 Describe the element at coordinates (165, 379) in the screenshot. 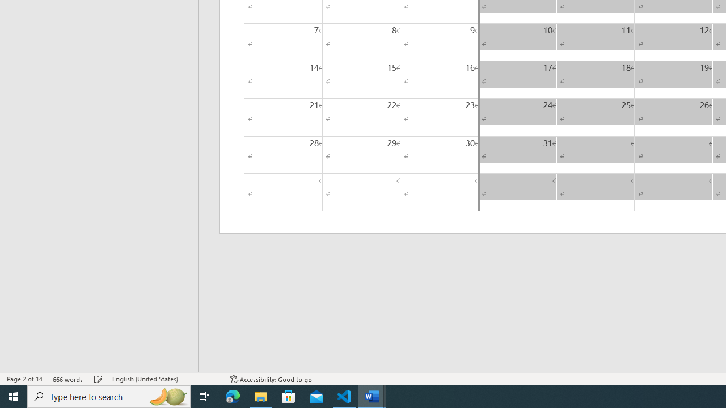

I see `'Language English (United States)'` at that location.